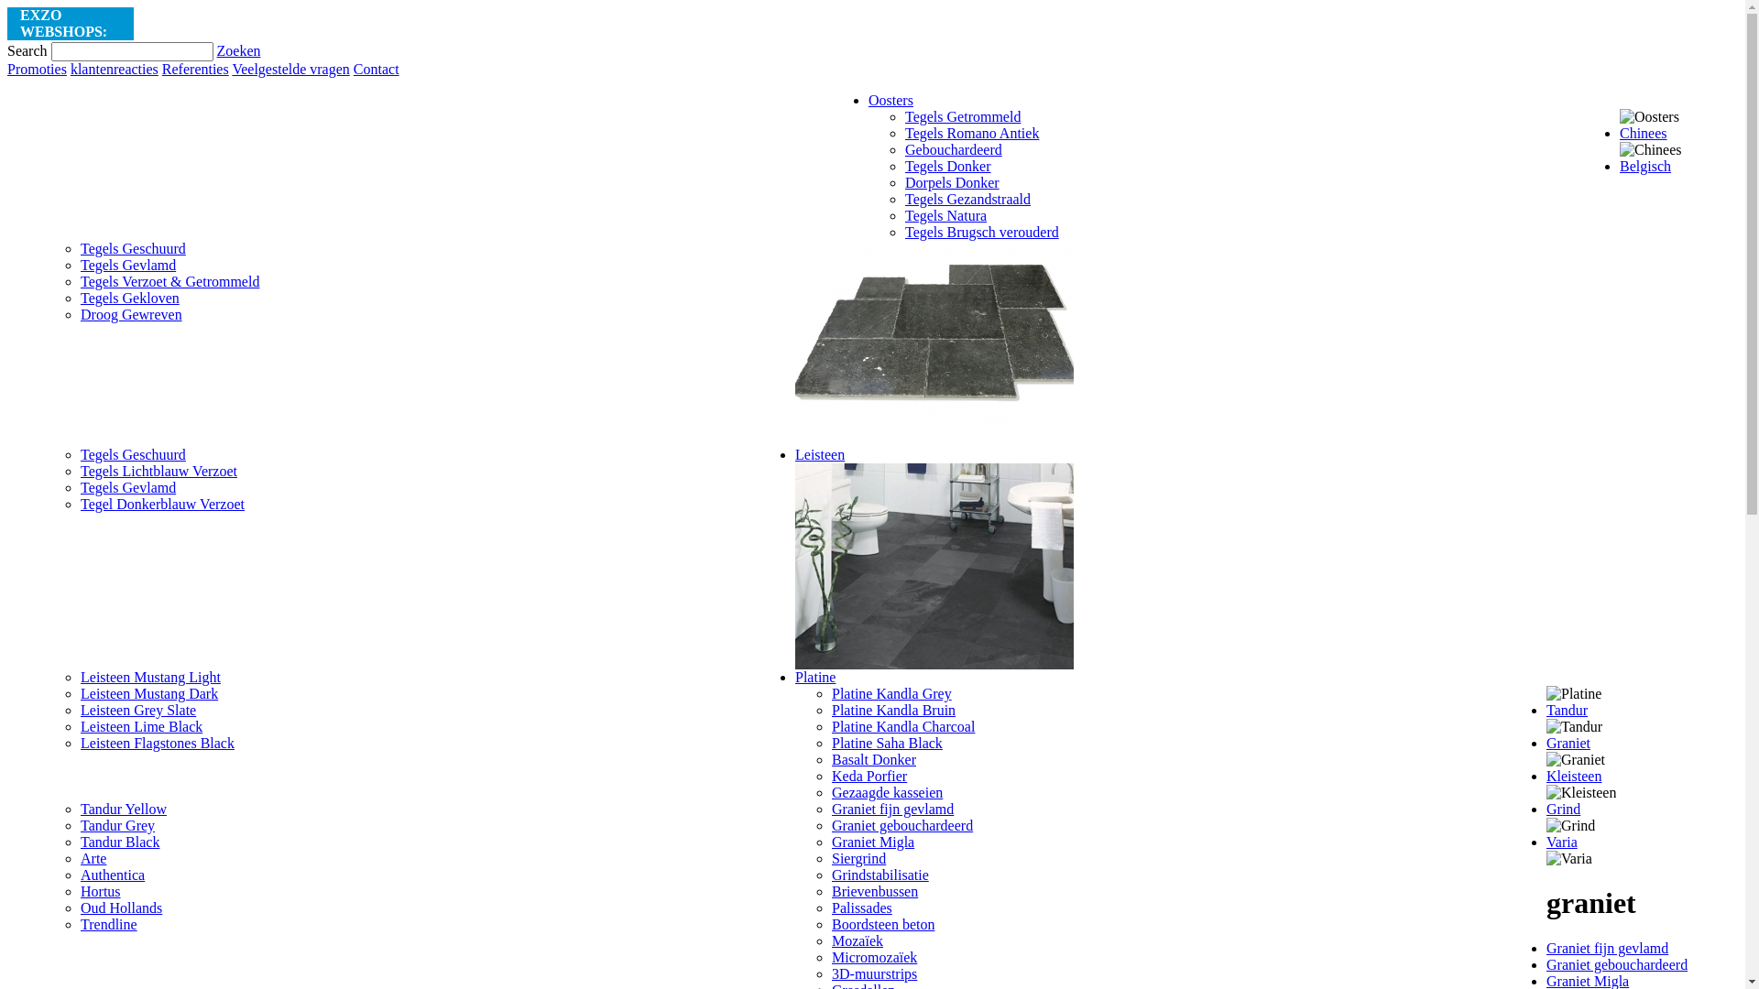  Describe the element at coordinates (1566, 709) in the screenshot. I see `'Tandur'` at that location.